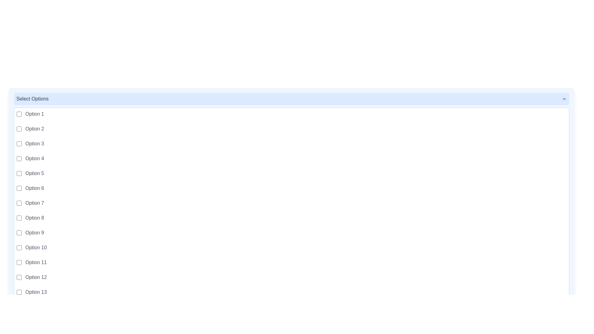  What do you see at coordinates (19, 128) in the screenshot?
I see `the checkbox labeled 'Option 2' by` at bounding box center [19, 128].